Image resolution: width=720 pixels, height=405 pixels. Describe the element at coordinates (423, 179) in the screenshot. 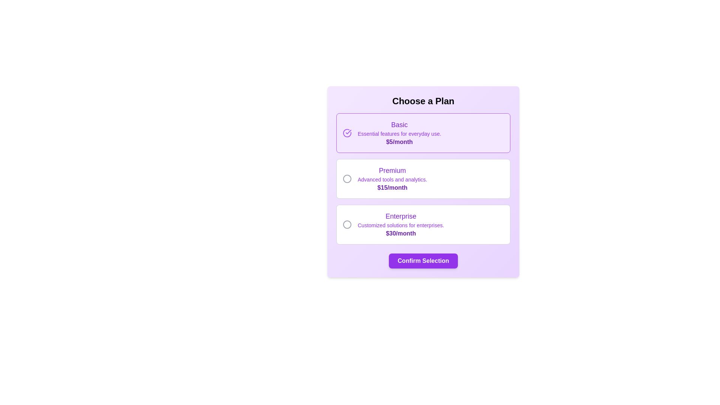

I see `the second item in the subscription plan selection list` at that location.